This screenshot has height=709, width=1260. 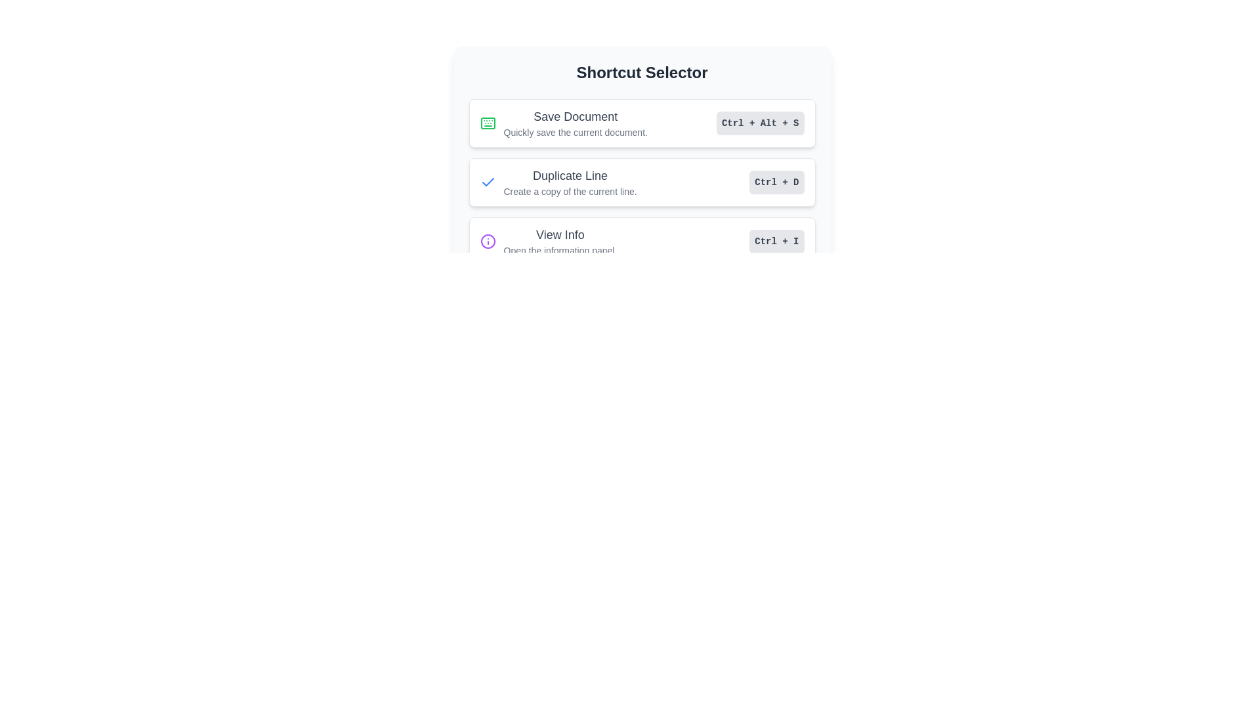 What do you see at coordinates (487, 241) in the screenshot?
I see `the purple circular icon with a white interior and 'i' symbol, located to the left of the text 'View Info' in the interface panel` at bounding box center [487, 241].